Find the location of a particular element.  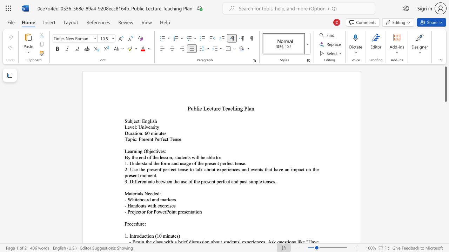

the 2th character "h" in the text is located at coordinates (155, 157).